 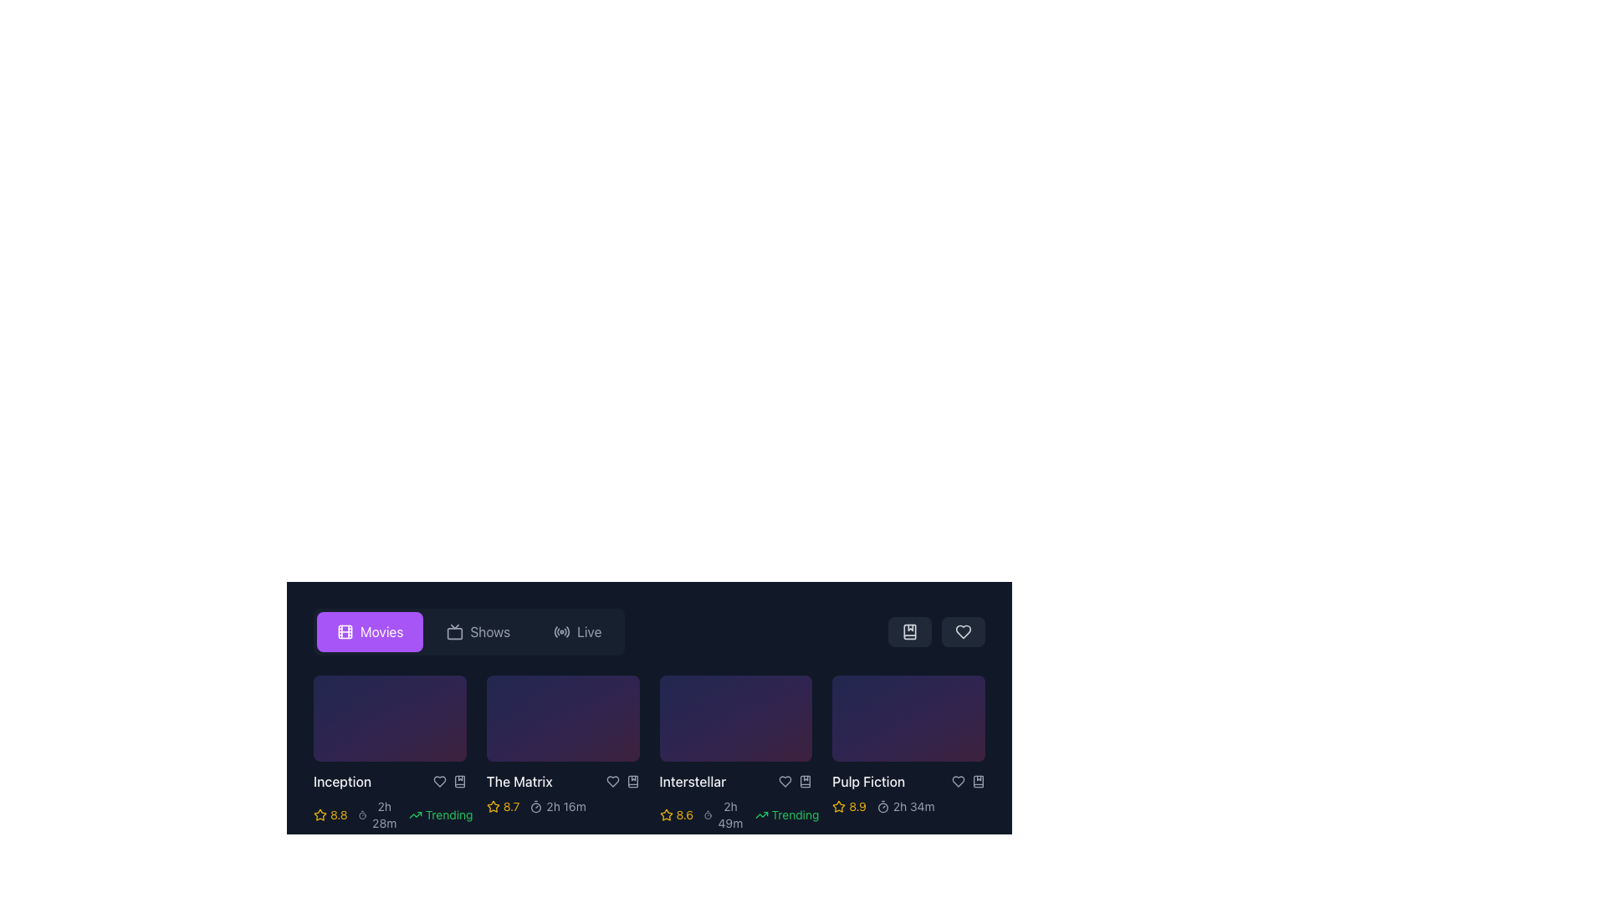 I want to click on the circular icon representing the central feature of the timer located at the top-right section of the interface, so click(x=882, y=807).